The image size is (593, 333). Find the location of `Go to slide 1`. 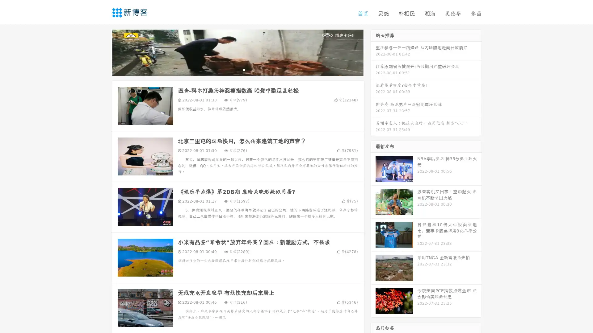

Go to slide 1 is located at coordinates (231, 69).